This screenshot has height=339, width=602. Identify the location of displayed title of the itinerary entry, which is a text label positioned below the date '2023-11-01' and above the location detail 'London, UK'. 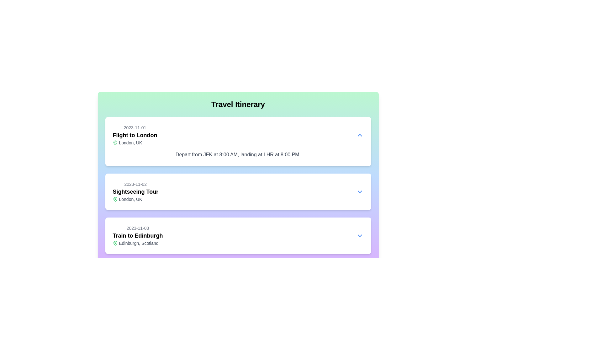
(135, 135).